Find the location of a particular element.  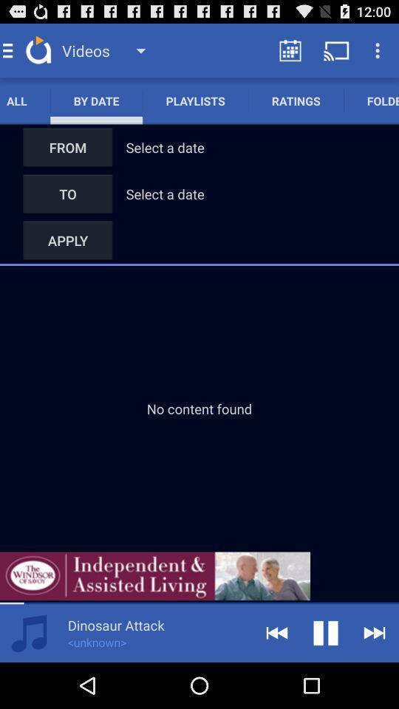

the av_rewind icon is located at coordinates (276, 677).